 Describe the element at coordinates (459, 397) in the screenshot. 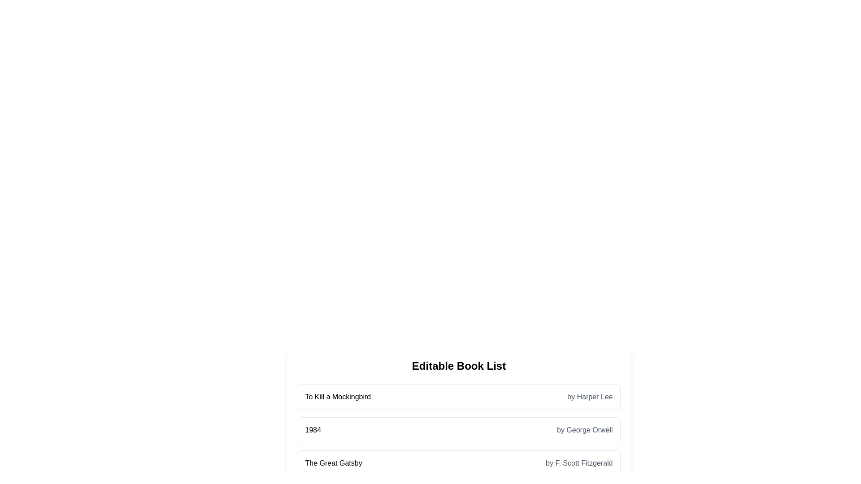

I see `the first item in the book list, which displays the title and author of a book, located below 'Editable Book List' and above '1984' and 'The Great Gatsby'` at that location.